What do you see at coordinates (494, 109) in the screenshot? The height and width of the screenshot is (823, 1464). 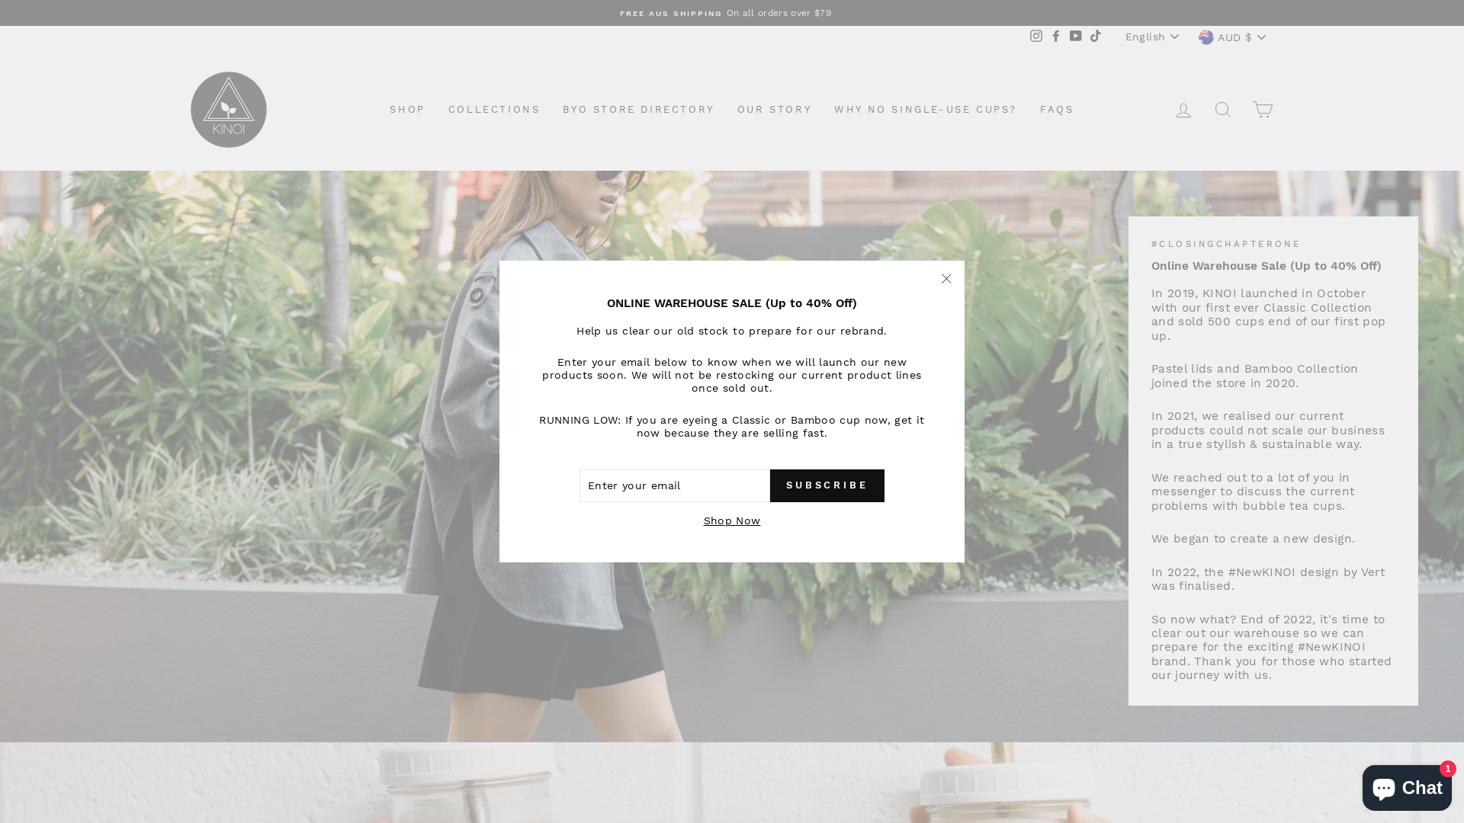 I see `'COLLECTIONS'` at bounding box center [494, 109].